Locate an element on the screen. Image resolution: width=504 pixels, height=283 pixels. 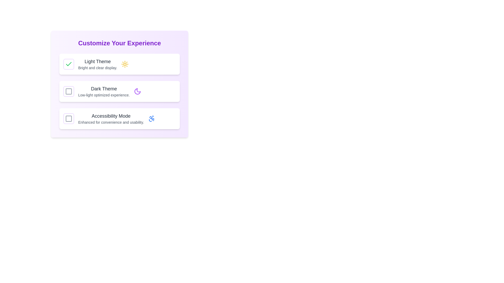
the third selectable option for Accessibility Mode in the vertically stacked list is located at coordinates (119, 118).